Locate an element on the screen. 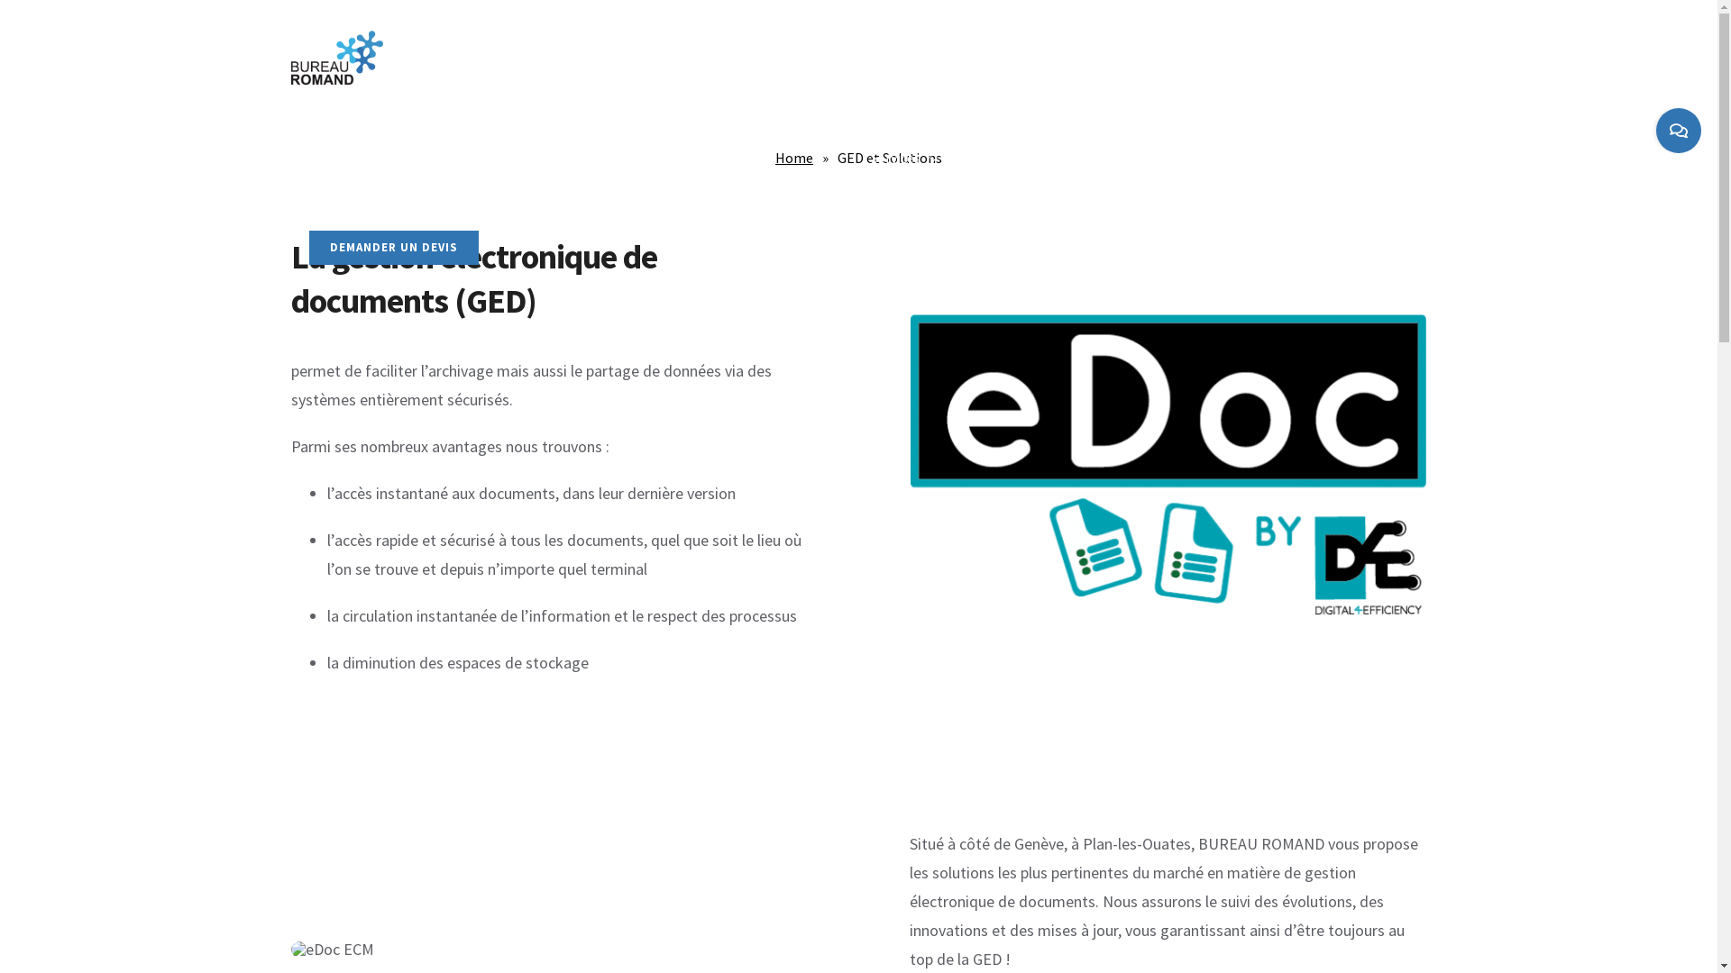 This screenshot has height=973, width=1731. 'Accueil' is located at coordinates (329, 156).